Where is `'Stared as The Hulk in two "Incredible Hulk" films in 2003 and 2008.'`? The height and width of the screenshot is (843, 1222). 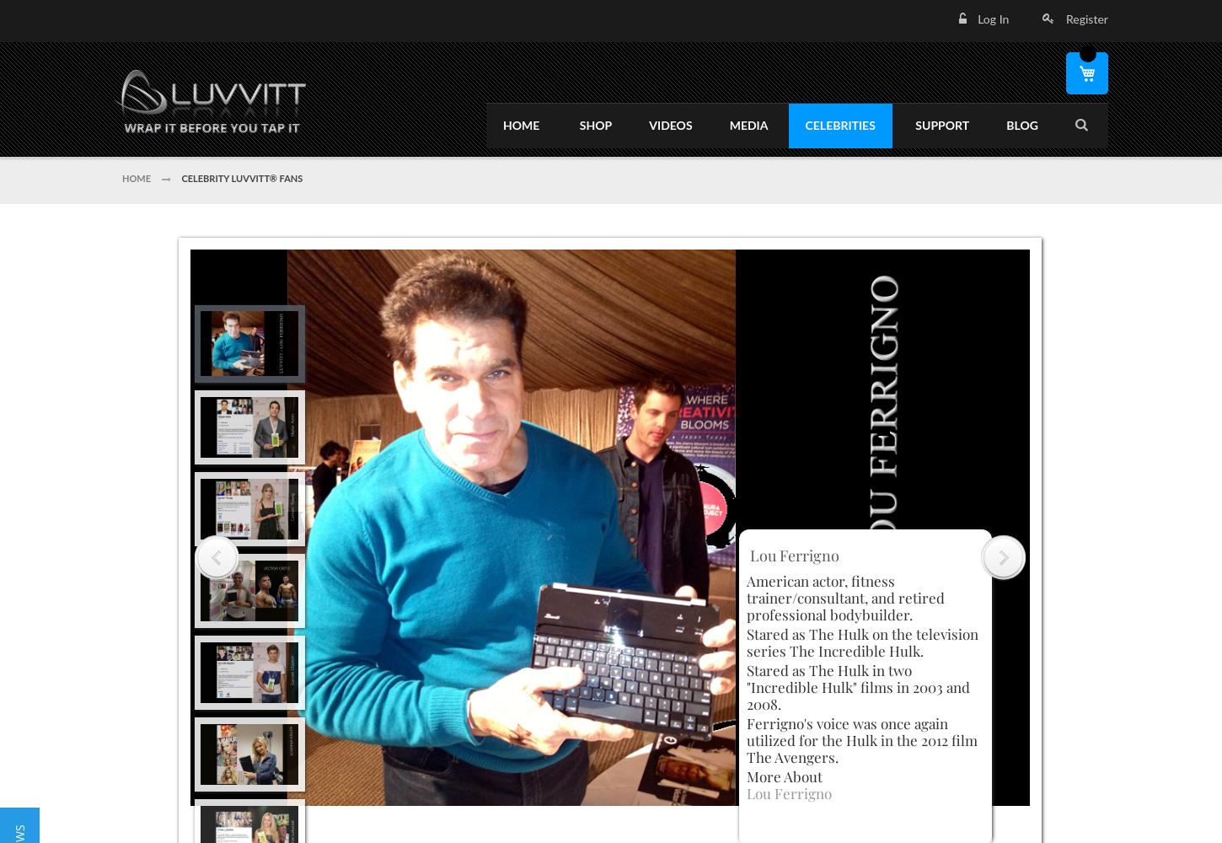 'Stared as The Hulk in two "Incredible Hulk" films in 2003 and 2008.' is located at coordinates (858, 685).